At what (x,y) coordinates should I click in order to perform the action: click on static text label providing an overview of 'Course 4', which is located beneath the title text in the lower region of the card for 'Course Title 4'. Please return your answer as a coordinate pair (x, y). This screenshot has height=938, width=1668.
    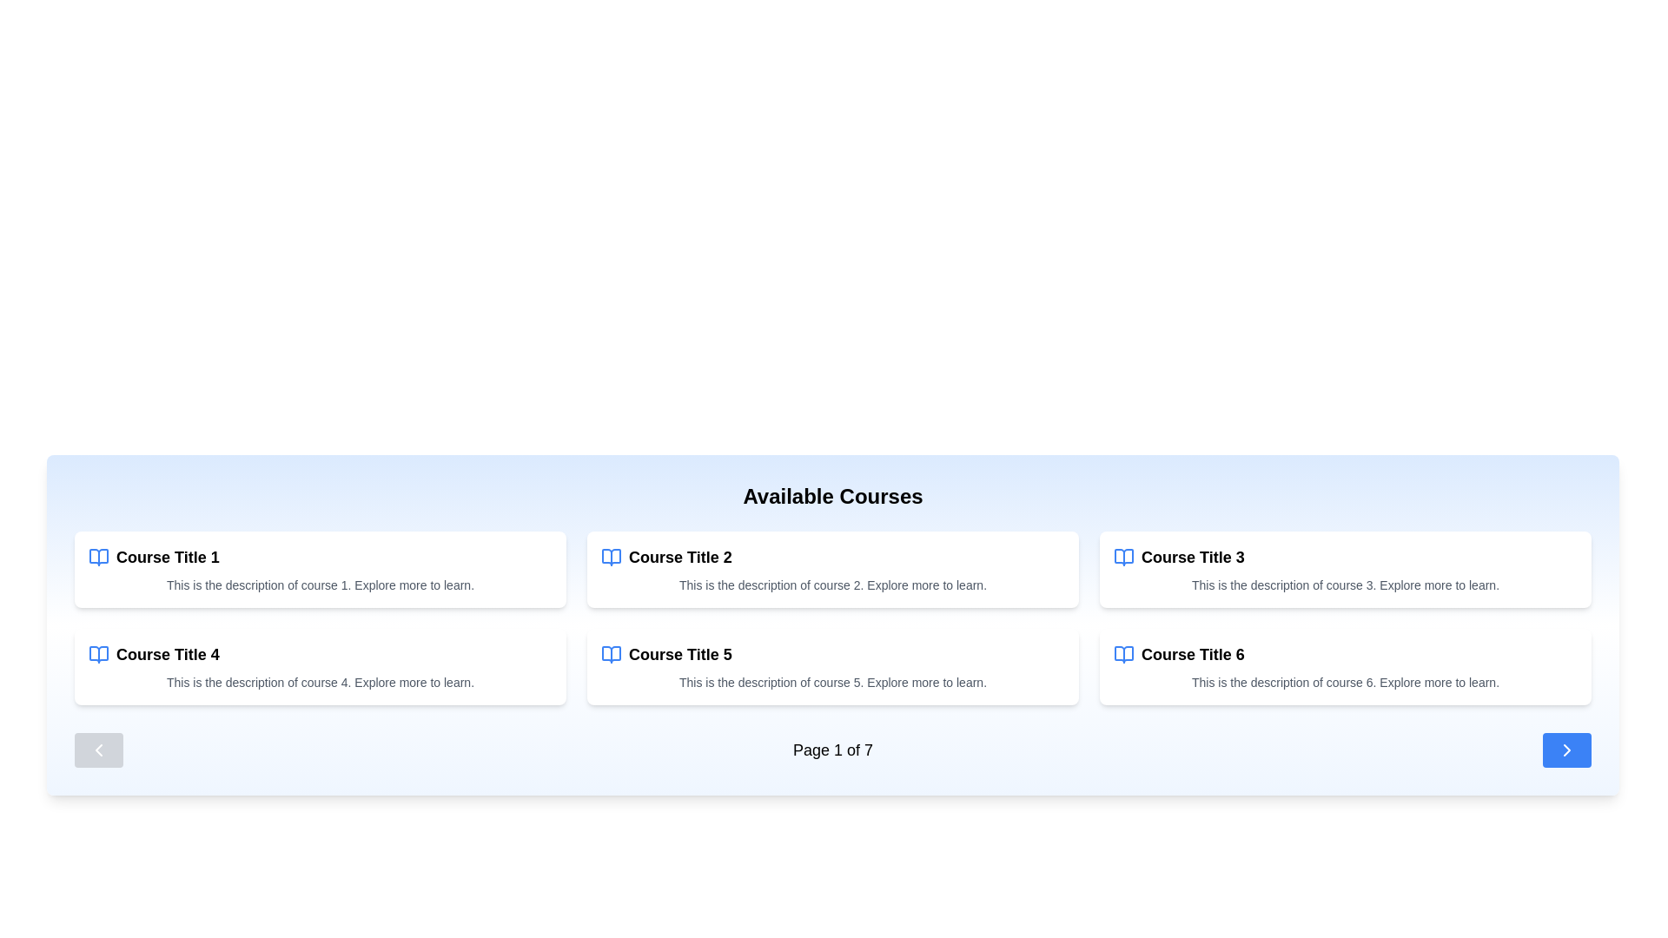
    Looking at the image, I should click on (321, 682).